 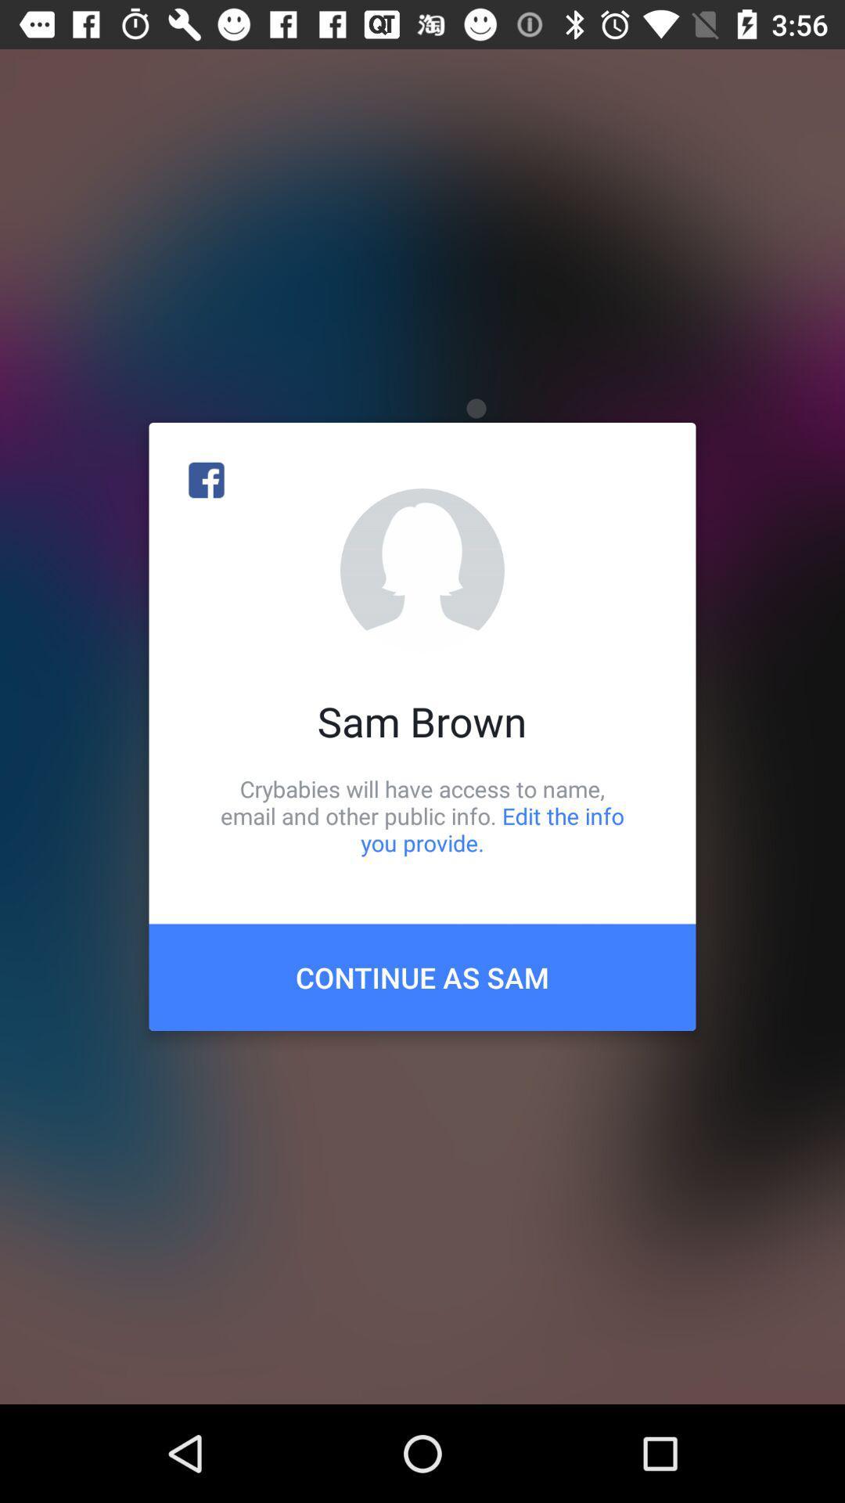 What do you see at coordinates (422, 815) in the screenshot?
I see `the crybabies will have item` at bounding box center [422, 815].